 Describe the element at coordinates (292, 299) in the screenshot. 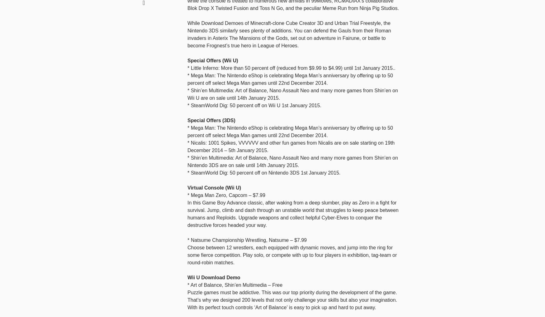

I see `'Puzzle games must be addictive. This was our top priority during the development of the game. That’s why we designed 200 levels that not only challenge your skills but also your imagination. With its perfect touch controls ‘Art of Balance’ is easy to pick up and hard to put away.'` at that location.